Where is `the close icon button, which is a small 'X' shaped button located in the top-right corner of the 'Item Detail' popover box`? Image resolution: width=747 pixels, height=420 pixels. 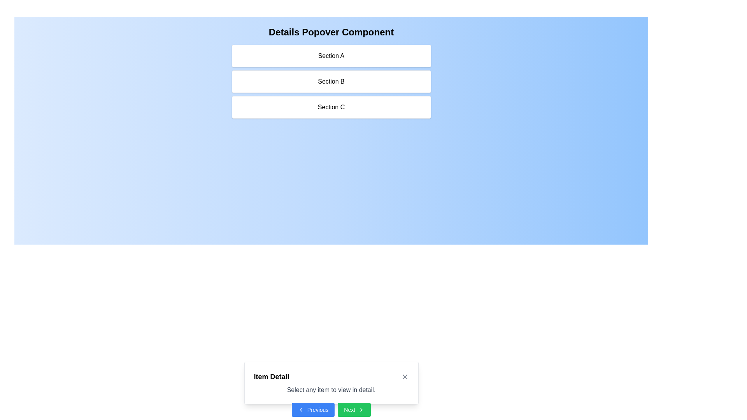
the close icon button, which is a small 'X' shaped button located in the top-right corner of the 'Item Detail' popover box is located at coordinates (405, 376).